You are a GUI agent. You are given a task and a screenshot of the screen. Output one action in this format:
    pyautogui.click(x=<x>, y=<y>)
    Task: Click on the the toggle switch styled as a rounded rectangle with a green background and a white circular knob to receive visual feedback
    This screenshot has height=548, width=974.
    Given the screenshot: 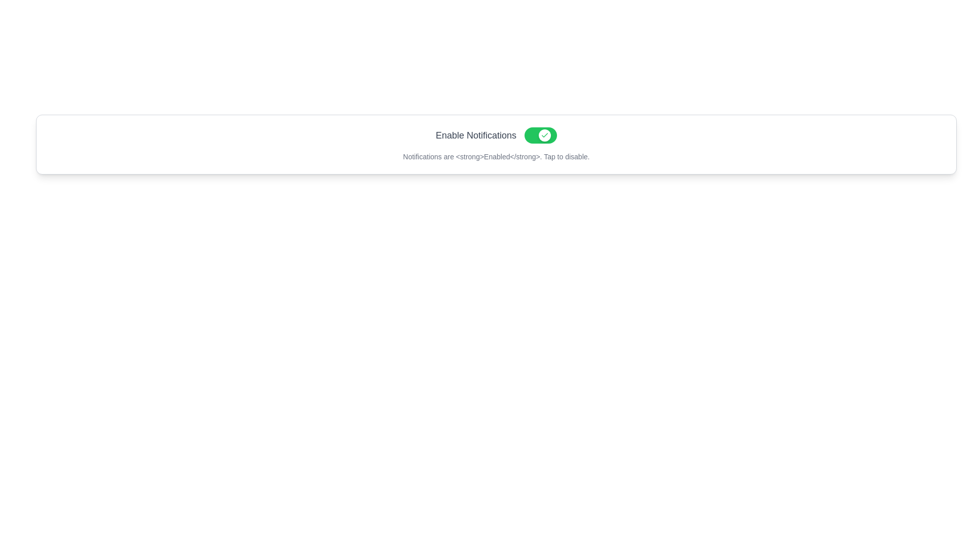 What is the action you would take?
    pyautogui.click(x=540, y=134)
    